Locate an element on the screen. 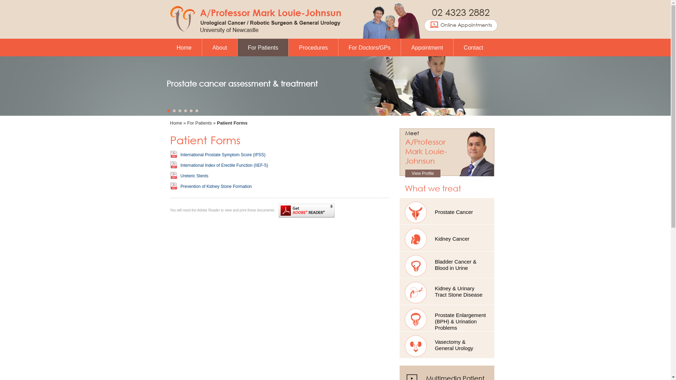 The height and width of the screenshot is (380, 676). 'Appointment' is located at coordinates (427, 47).